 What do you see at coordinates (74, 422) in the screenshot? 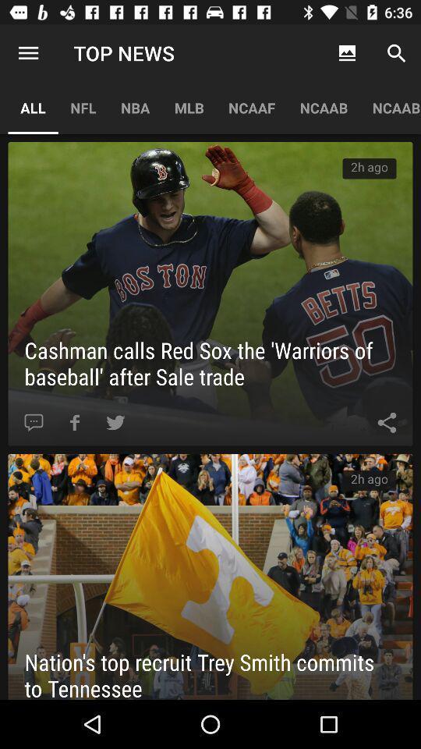
I see `the item below cashman calls red item` at bounding box center [74, 422].